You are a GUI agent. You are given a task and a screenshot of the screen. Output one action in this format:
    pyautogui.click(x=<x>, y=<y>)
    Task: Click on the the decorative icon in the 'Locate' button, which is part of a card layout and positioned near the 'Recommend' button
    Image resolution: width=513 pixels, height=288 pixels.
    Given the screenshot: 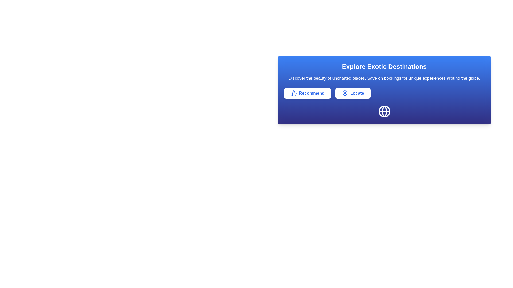 What is the action you would take?
    pyautogui.click(x=345, y=93)
    